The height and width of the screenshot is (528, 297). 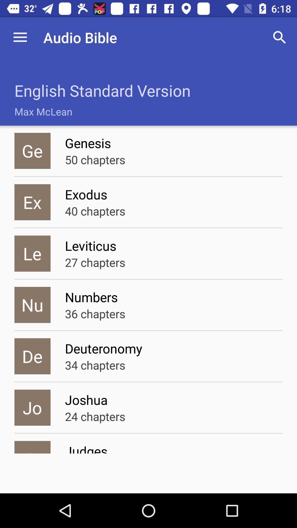 What do you see at coordinates (174, 448) in the screenshot?
I see `the item next to ju item` at bounding box center [174, 448].